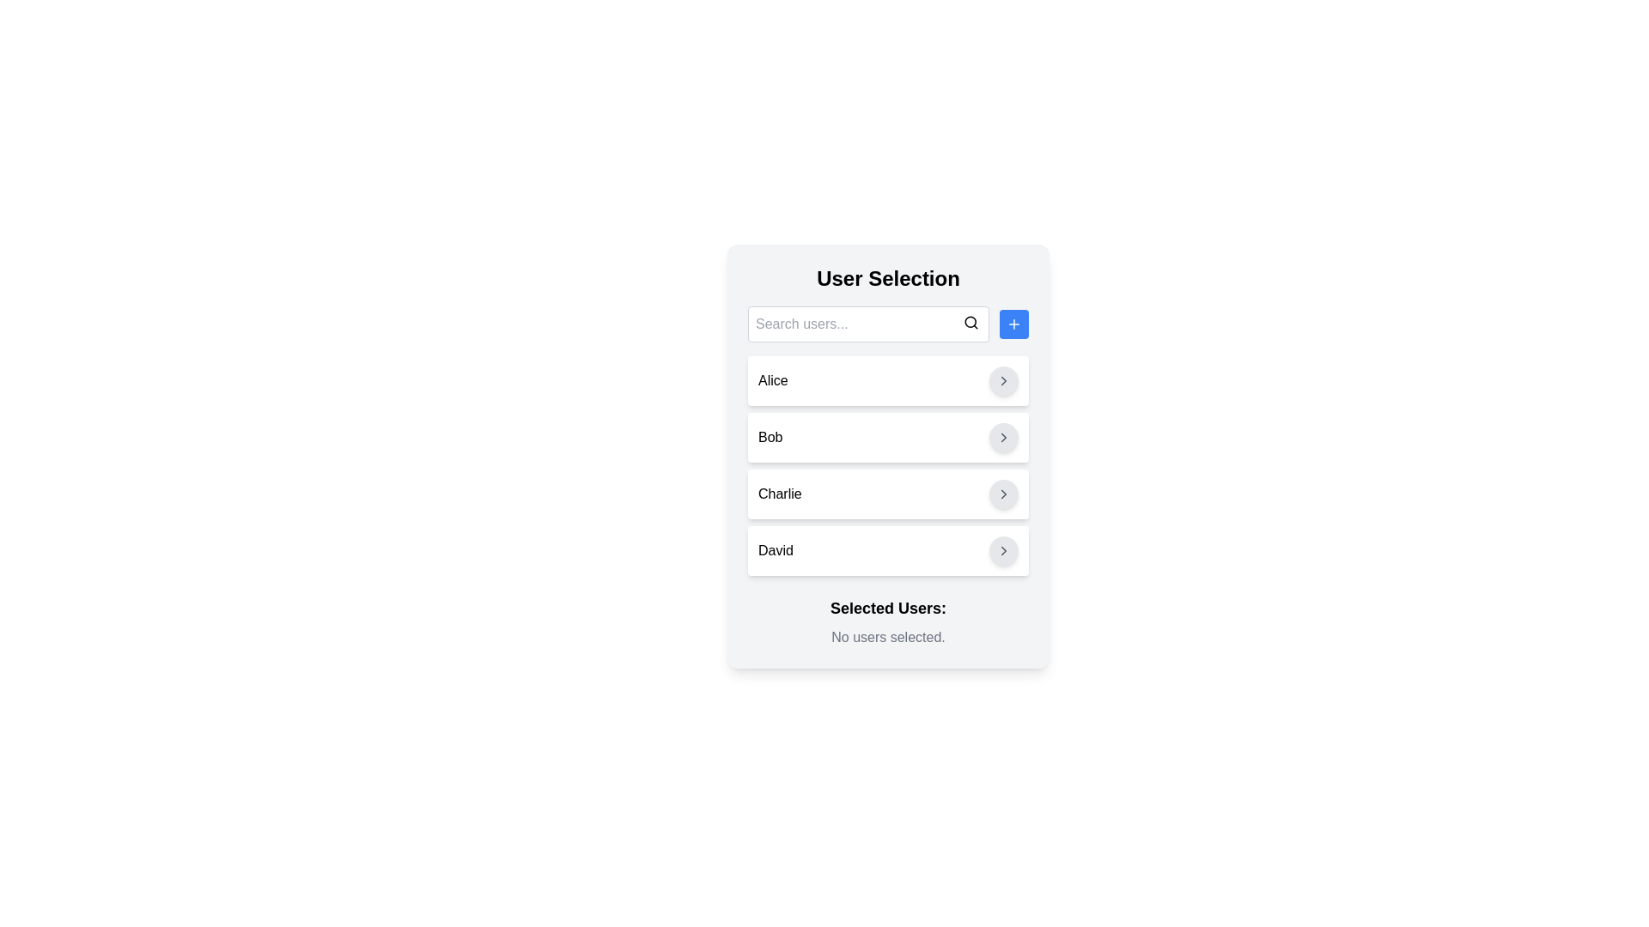 The width and height of the screenshot is (1649, 927). I want to click on the list item labeled 'Bob', so click(888, 436).